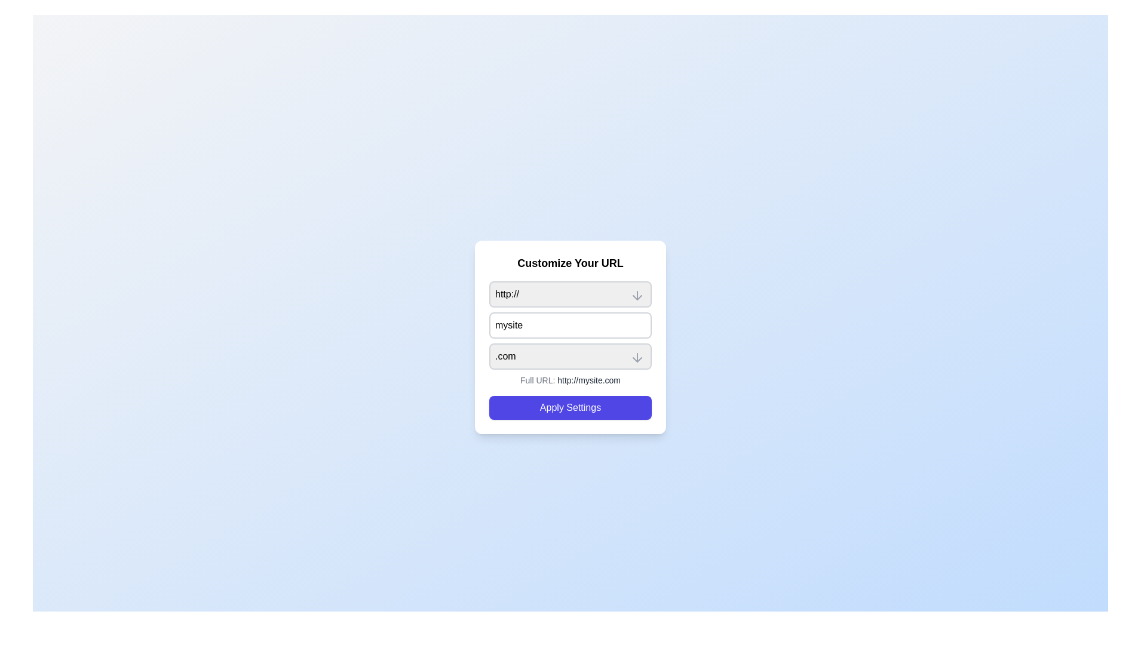  I want to click on the 'Apply Settings' button with a violet background and white text located at the bottom of the 'Customize Your URL' dialog to apply the settings, so click(570, 407).